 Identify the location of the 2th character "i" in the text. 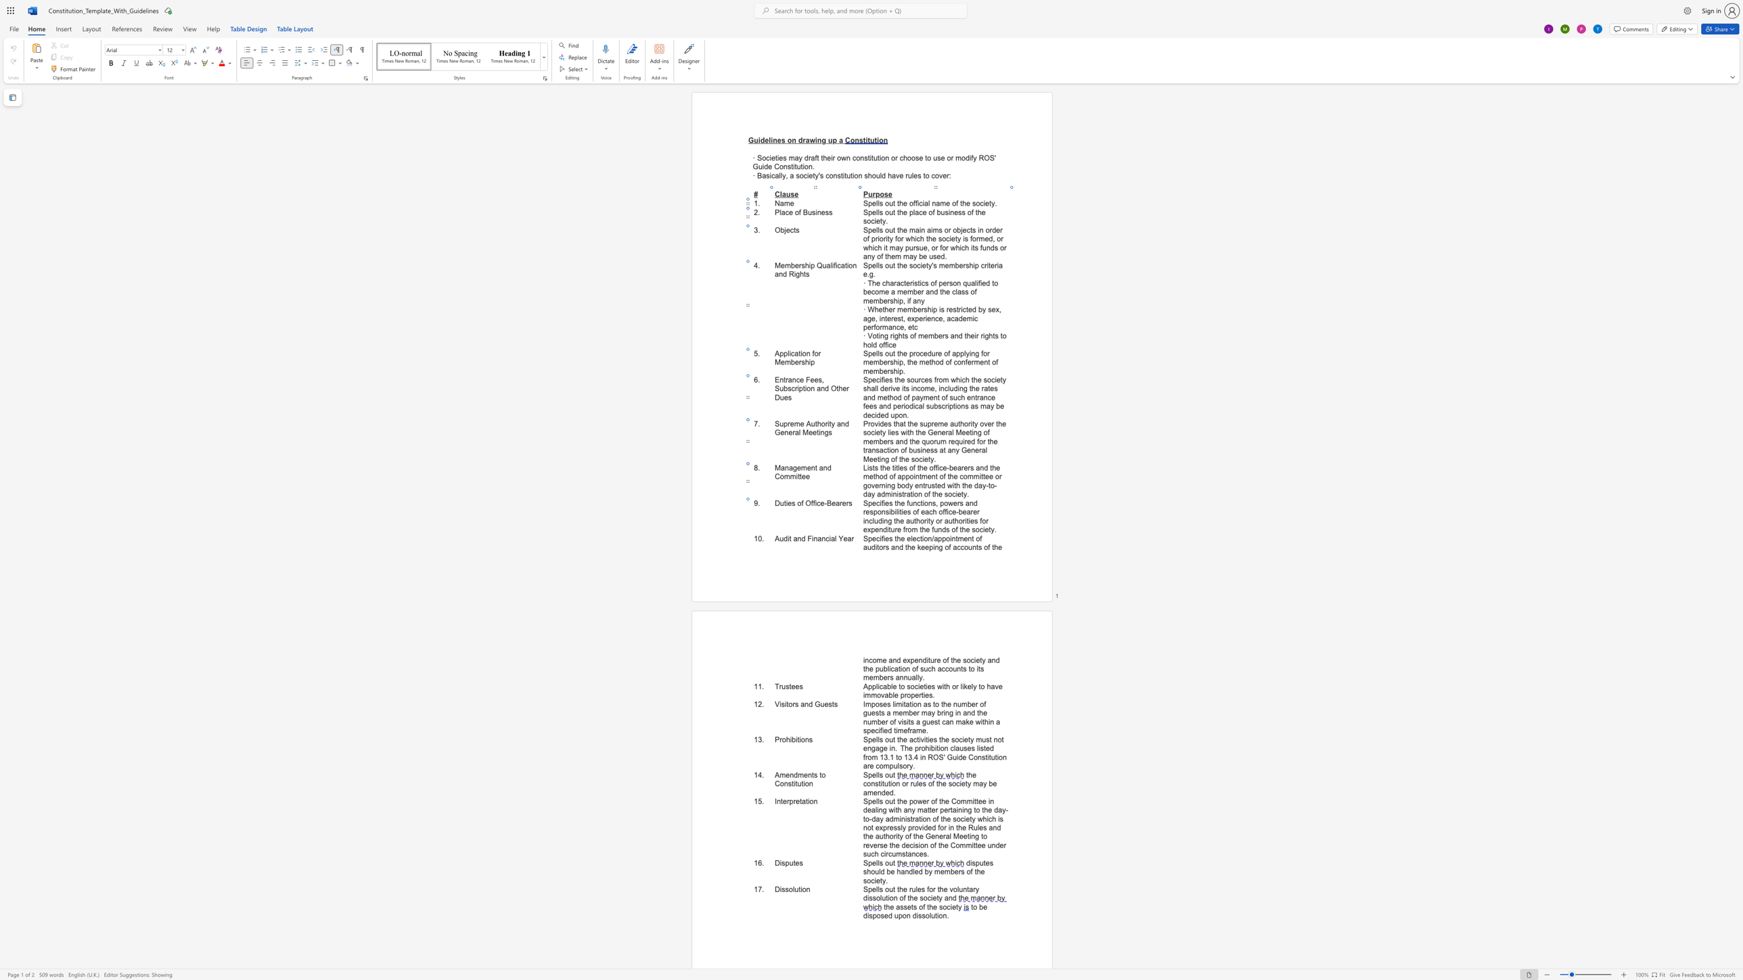
(815, 503).